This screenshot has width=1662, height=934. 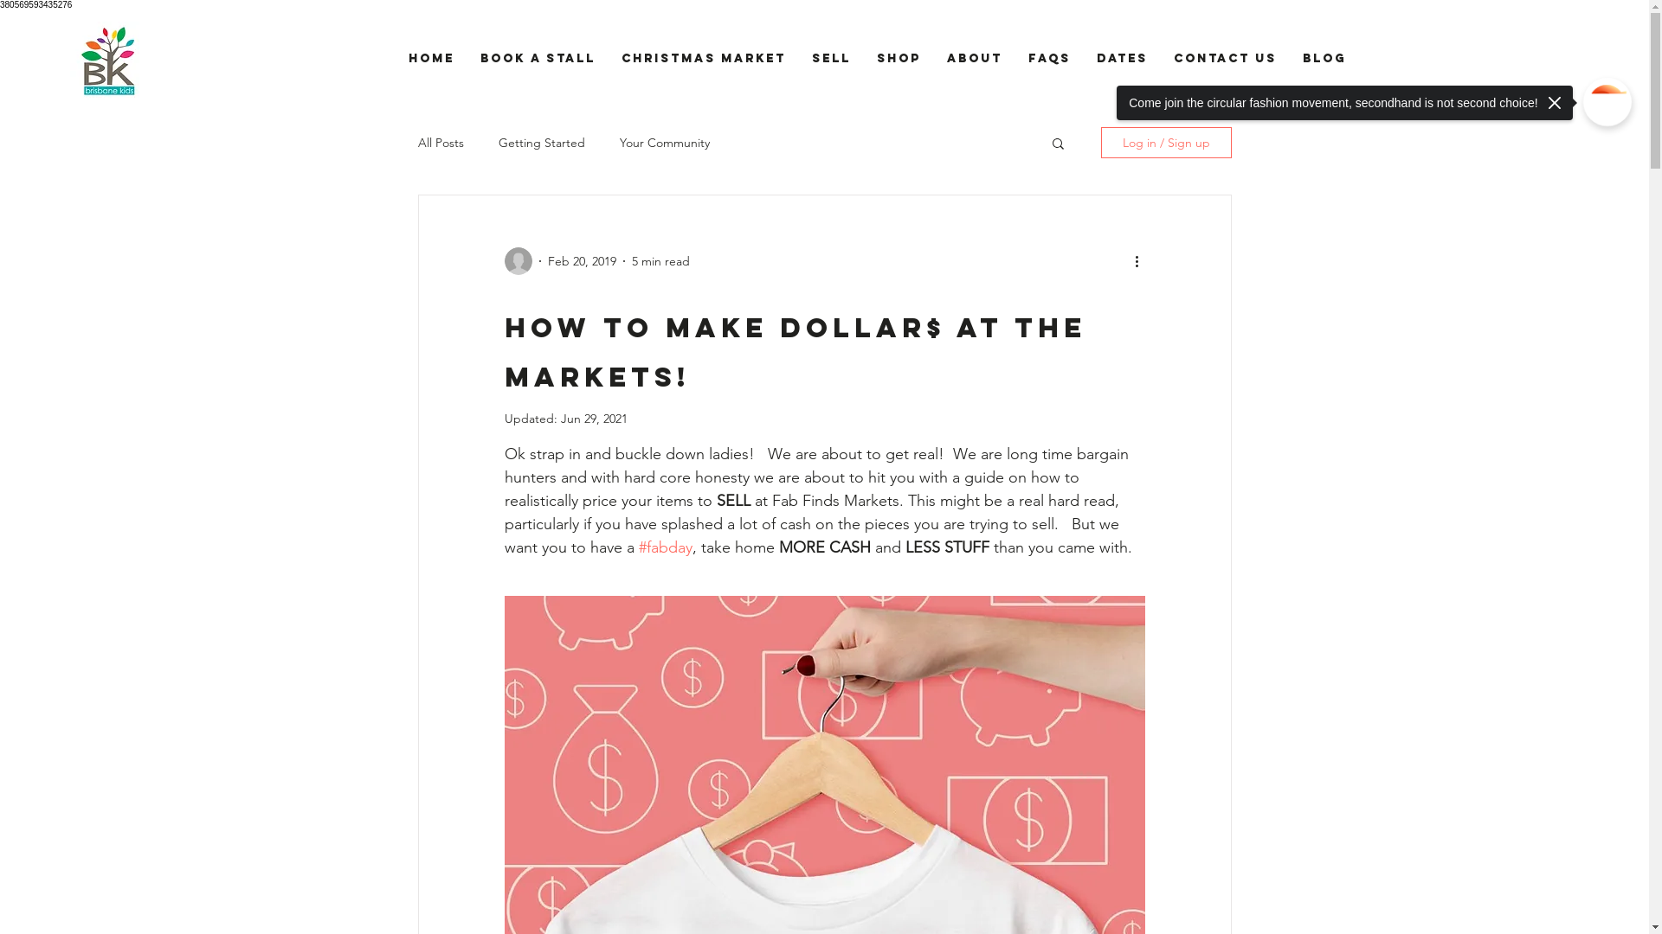 What do you see at coordinates (1223, 58) in the screenshot?
I see `'Contact Us'` at bounding box center [1223, 58].